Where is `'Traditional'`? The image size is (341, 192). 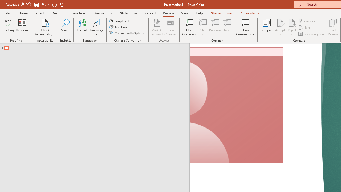 'Traditional' is located at coordinates (119, 27).